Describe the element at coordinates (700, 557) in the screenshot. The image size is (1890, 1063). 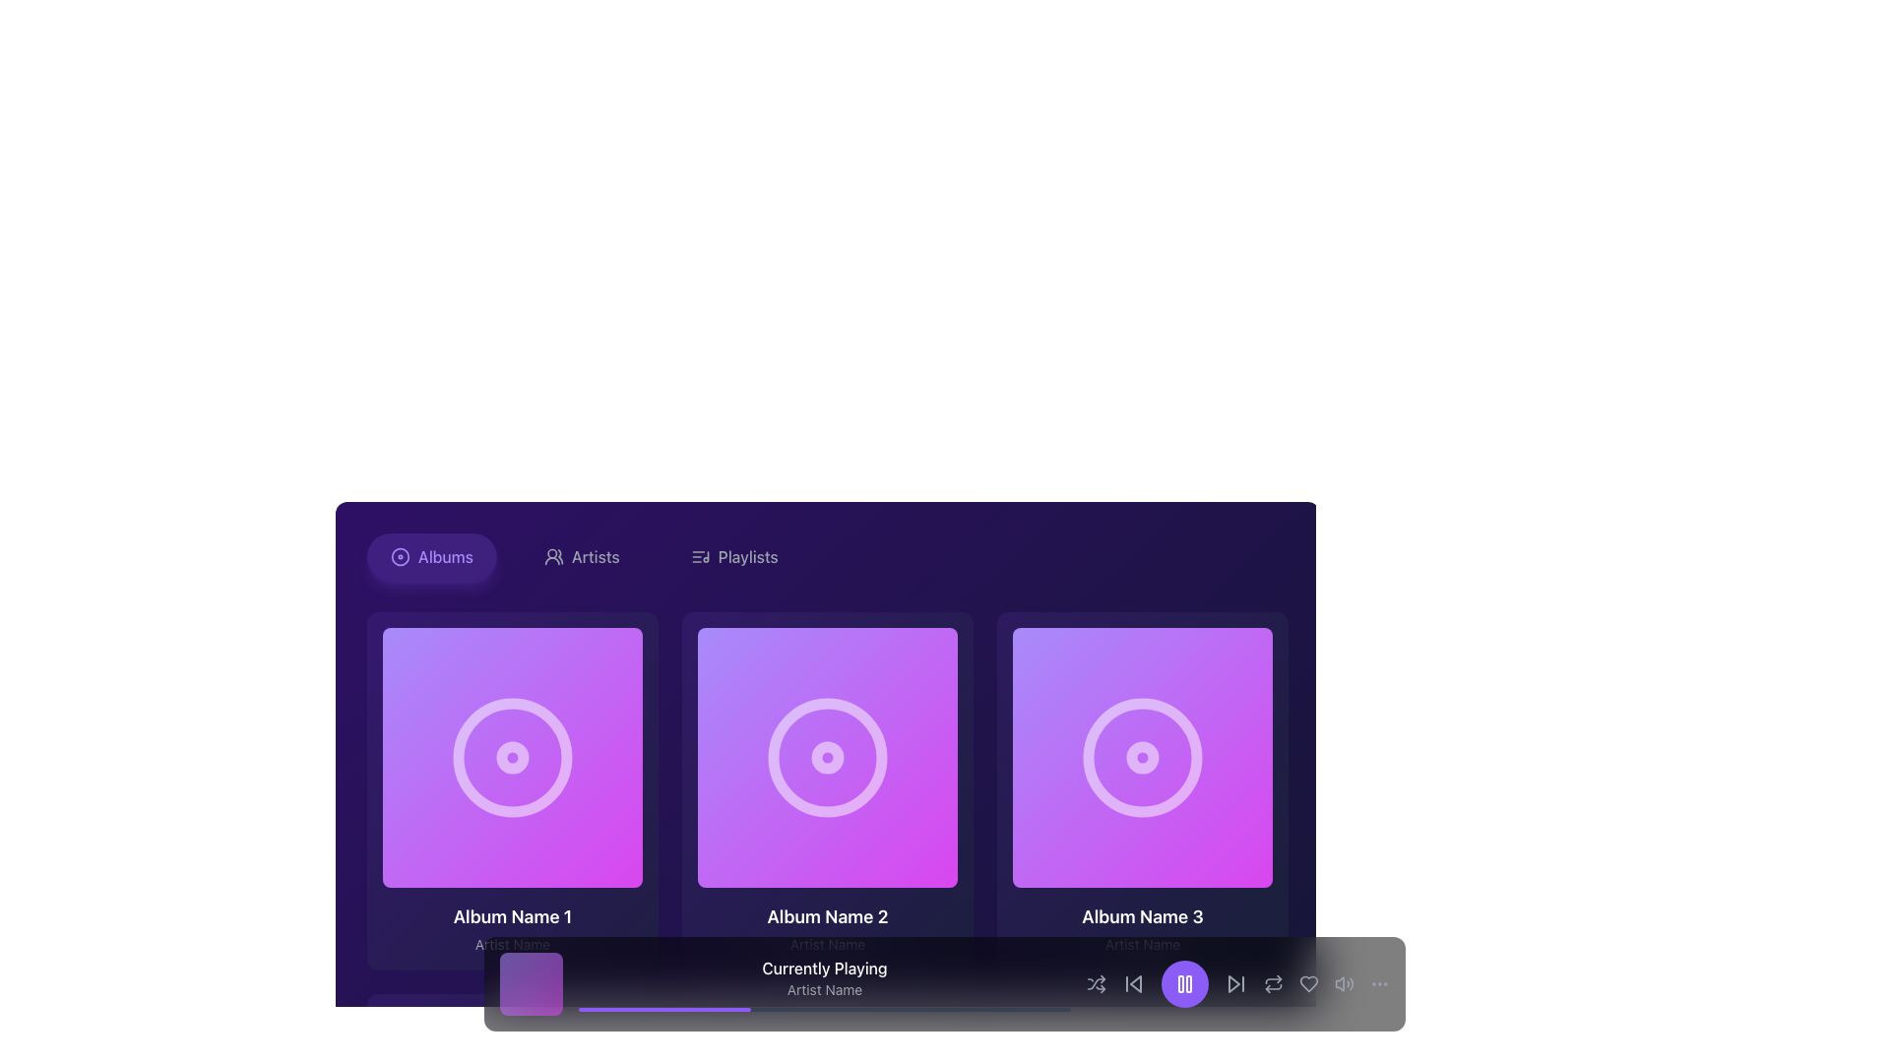
I see `the 'Playlists' icon, which serves as a visual indicator for the 'Playlists' tab located within the button at the top of the page, positioned between the 'Artists' and 'Albums' tabs` at that location.